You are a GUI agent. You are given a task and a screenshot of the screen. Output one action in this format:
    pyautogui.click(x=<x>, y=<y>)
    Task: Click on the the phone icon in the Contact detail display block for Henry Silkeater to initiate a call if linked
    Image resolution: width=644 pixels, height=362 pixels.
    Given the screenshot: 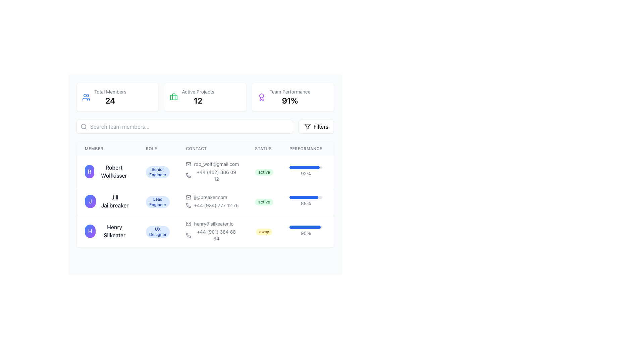 What is the action you would take?
    pyautogui.click(x=212, y=231)
    